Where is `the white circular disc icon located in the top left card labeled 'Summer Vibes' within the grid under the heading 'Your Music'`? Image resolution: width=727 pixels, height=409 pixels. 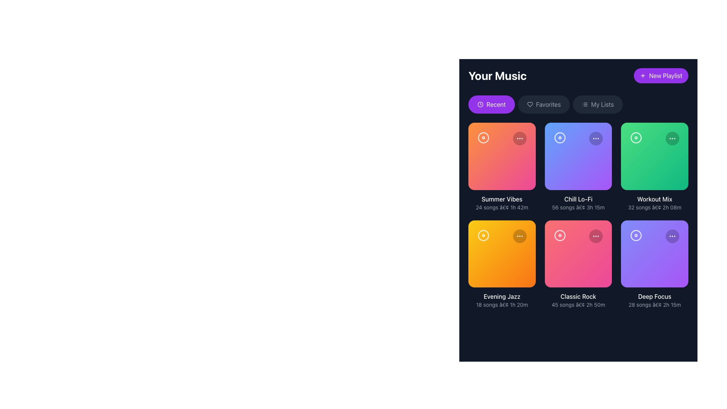
the white circular disc icon located in the top left card labeled 'Summer Vibes' within the grid under the heading 'Your Music' is located at coordinates (483, 137).